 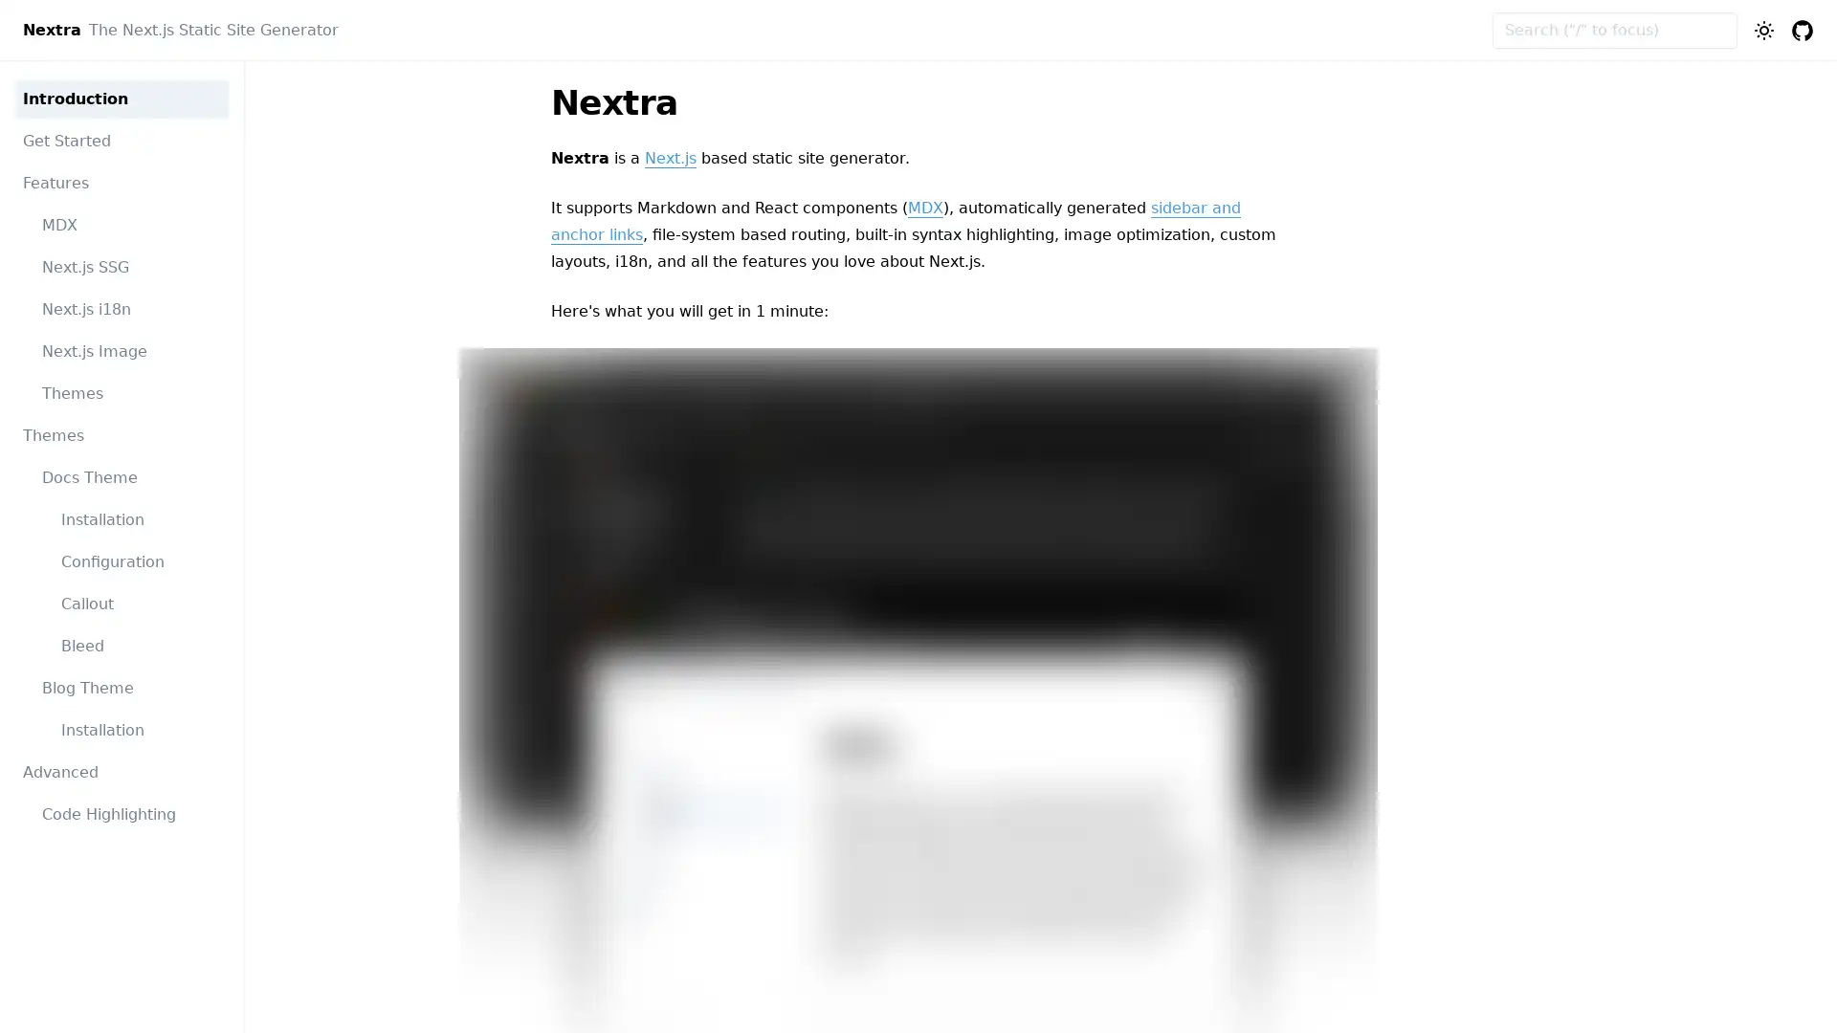 What do you see at coordinates (121, 771) in the screenshot?
I see `Advanced` at bounding box center [121, 771].